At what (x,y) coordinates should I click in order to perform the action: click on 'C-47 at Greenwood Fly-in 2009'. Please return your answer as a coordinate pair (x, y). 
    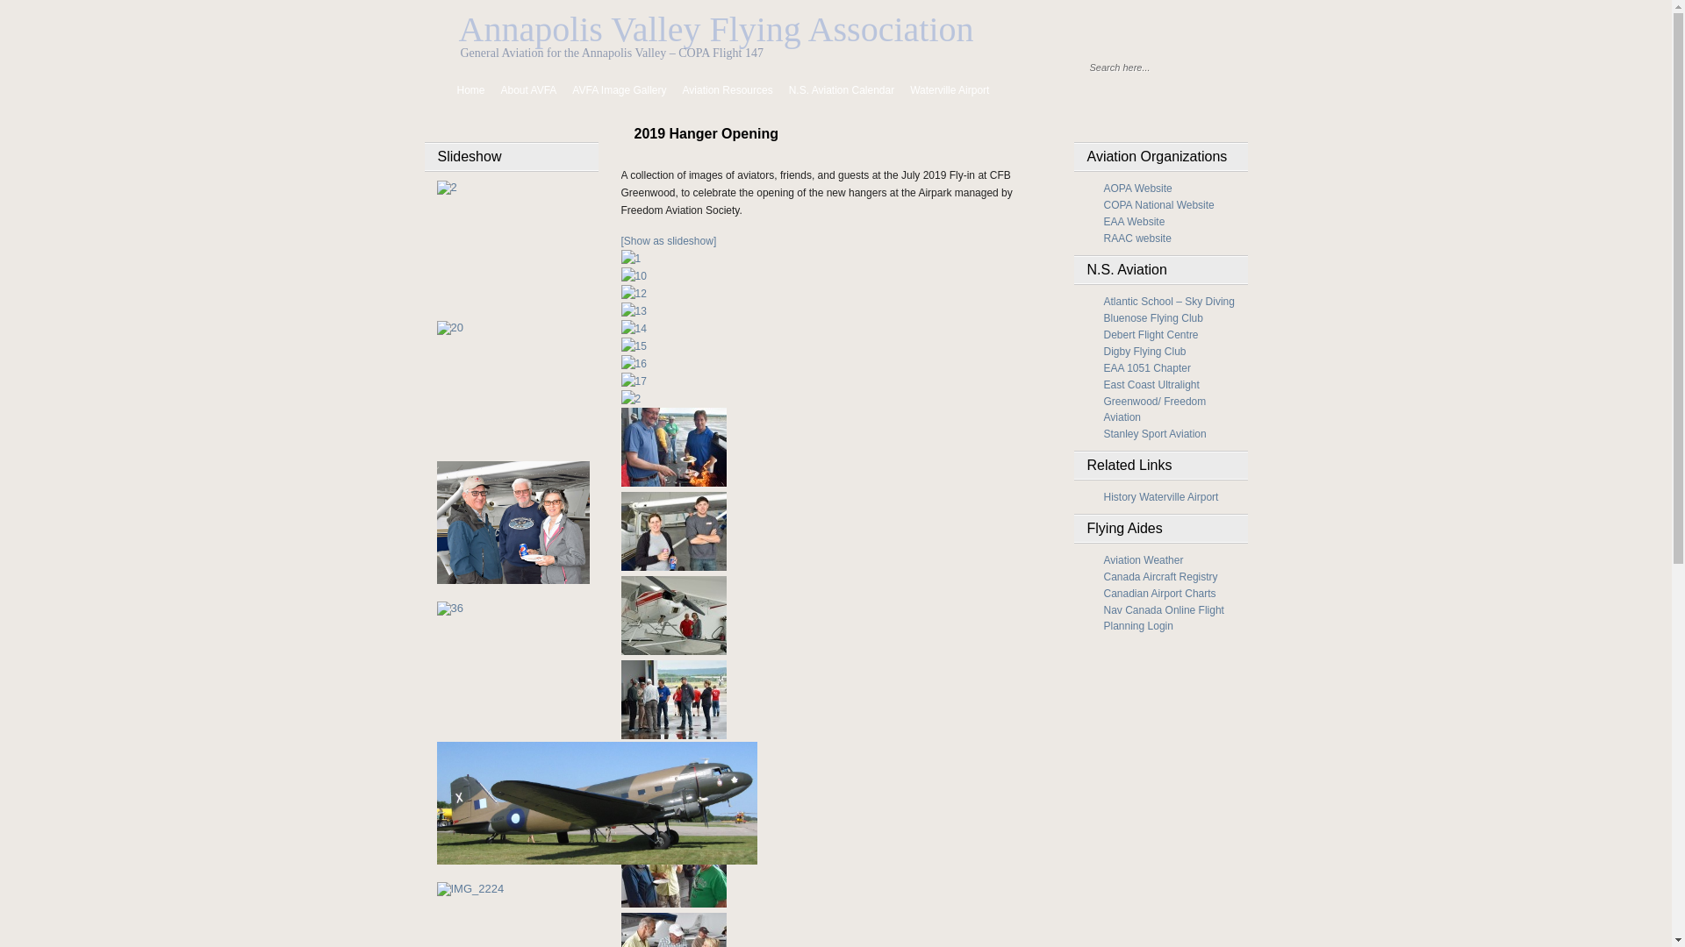
    Looking at the image, I should click on (598, 802).